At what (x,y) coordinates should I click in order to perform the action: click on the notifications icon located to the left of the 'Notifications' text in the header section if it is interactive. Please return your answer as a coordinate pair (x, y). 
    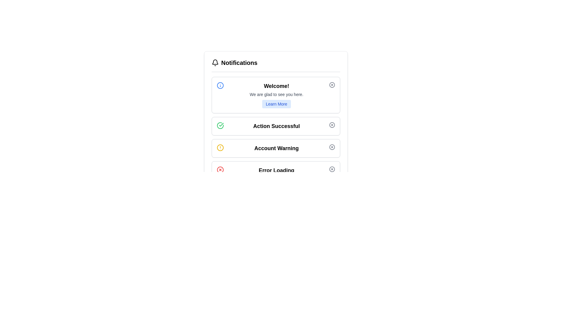
    Looking at the image, I should click on (215, 63).